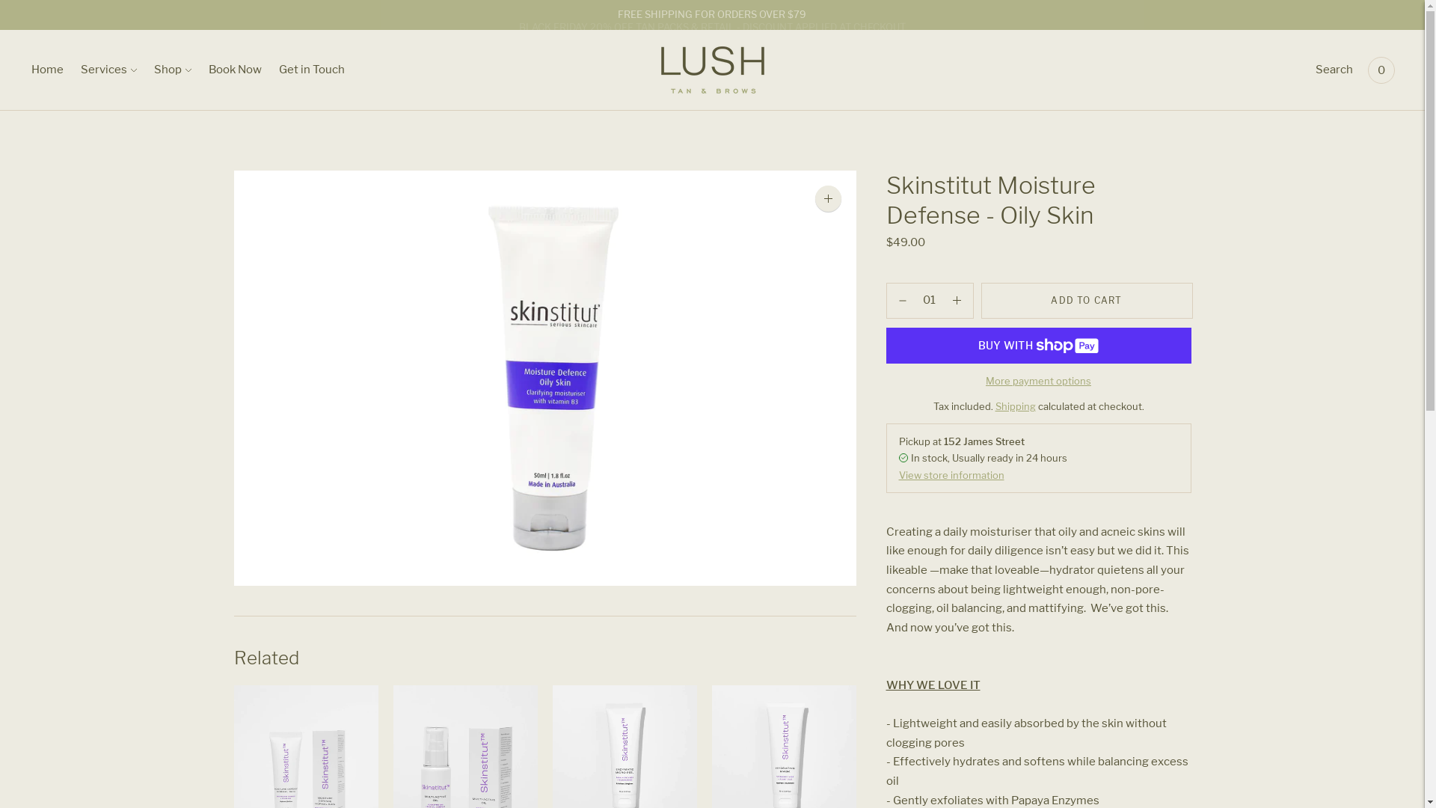 The image size is (1436, 808). I want to click on 'Shop', so click(172, 70).